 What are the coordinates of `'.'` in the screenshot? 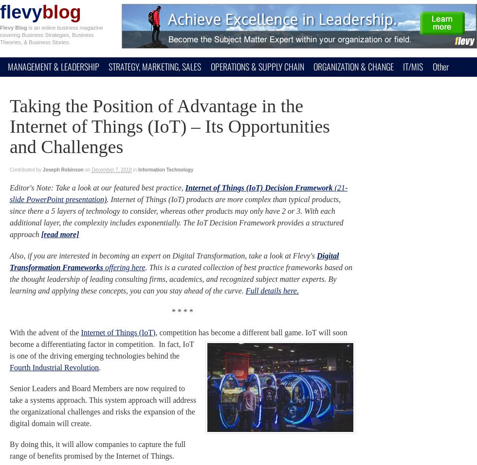 It's located at (100, 367).